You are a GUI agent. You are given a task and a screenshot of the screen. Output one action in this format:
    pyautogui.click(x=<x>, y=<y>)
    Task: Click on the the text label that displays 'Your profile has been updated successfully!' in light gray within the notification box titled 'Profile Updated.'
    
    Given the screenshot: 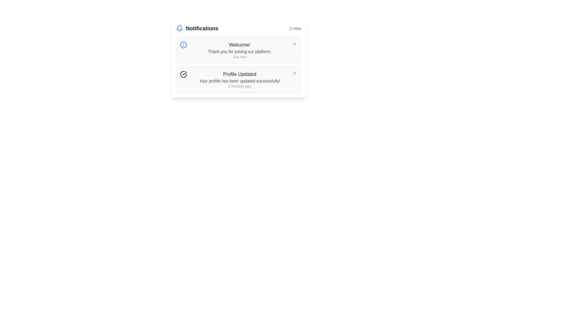 What is the action you would take?
    pyautogui.click(x=239, y=81)
    